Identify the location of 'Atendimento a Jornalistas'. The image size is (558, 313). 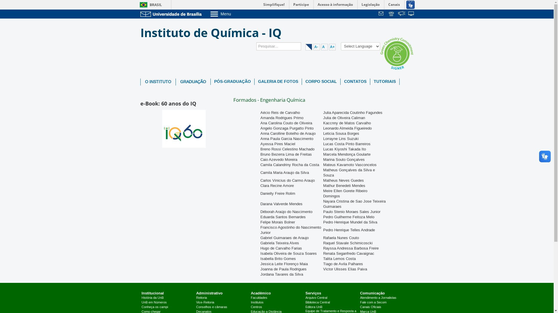
(360, 298).